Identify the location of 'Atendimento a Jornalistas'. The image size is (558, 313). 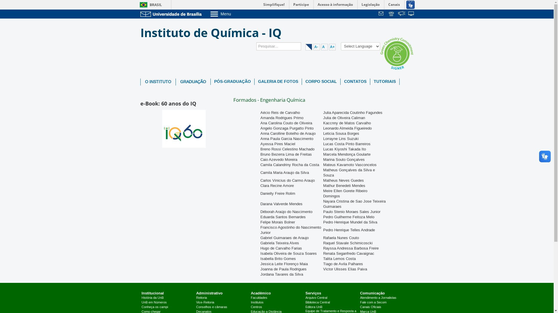
(360, 298).